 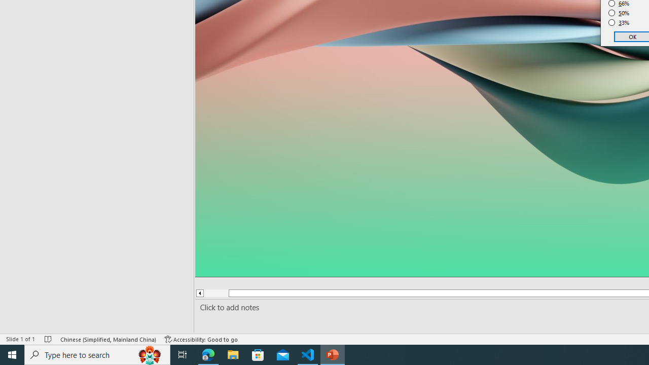 What do you see at coordinates (258, 354) in the screenshot?
I see `'Microsoft Store'` at bounding box center [258, 354].